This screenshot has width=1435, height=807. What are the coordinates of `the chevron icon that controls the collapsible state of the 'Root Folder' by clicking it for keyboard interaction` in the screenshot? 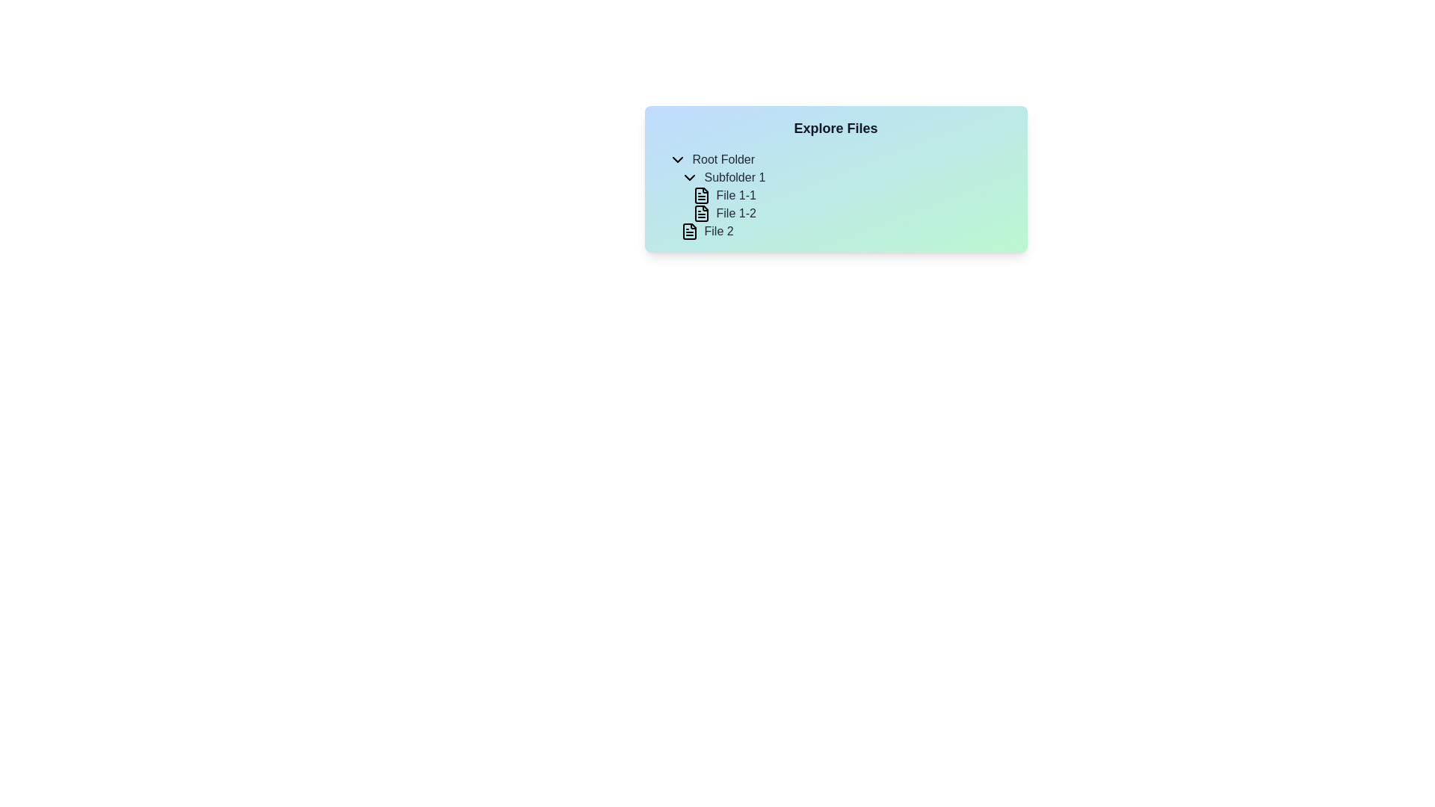 It's located at (676, 159).